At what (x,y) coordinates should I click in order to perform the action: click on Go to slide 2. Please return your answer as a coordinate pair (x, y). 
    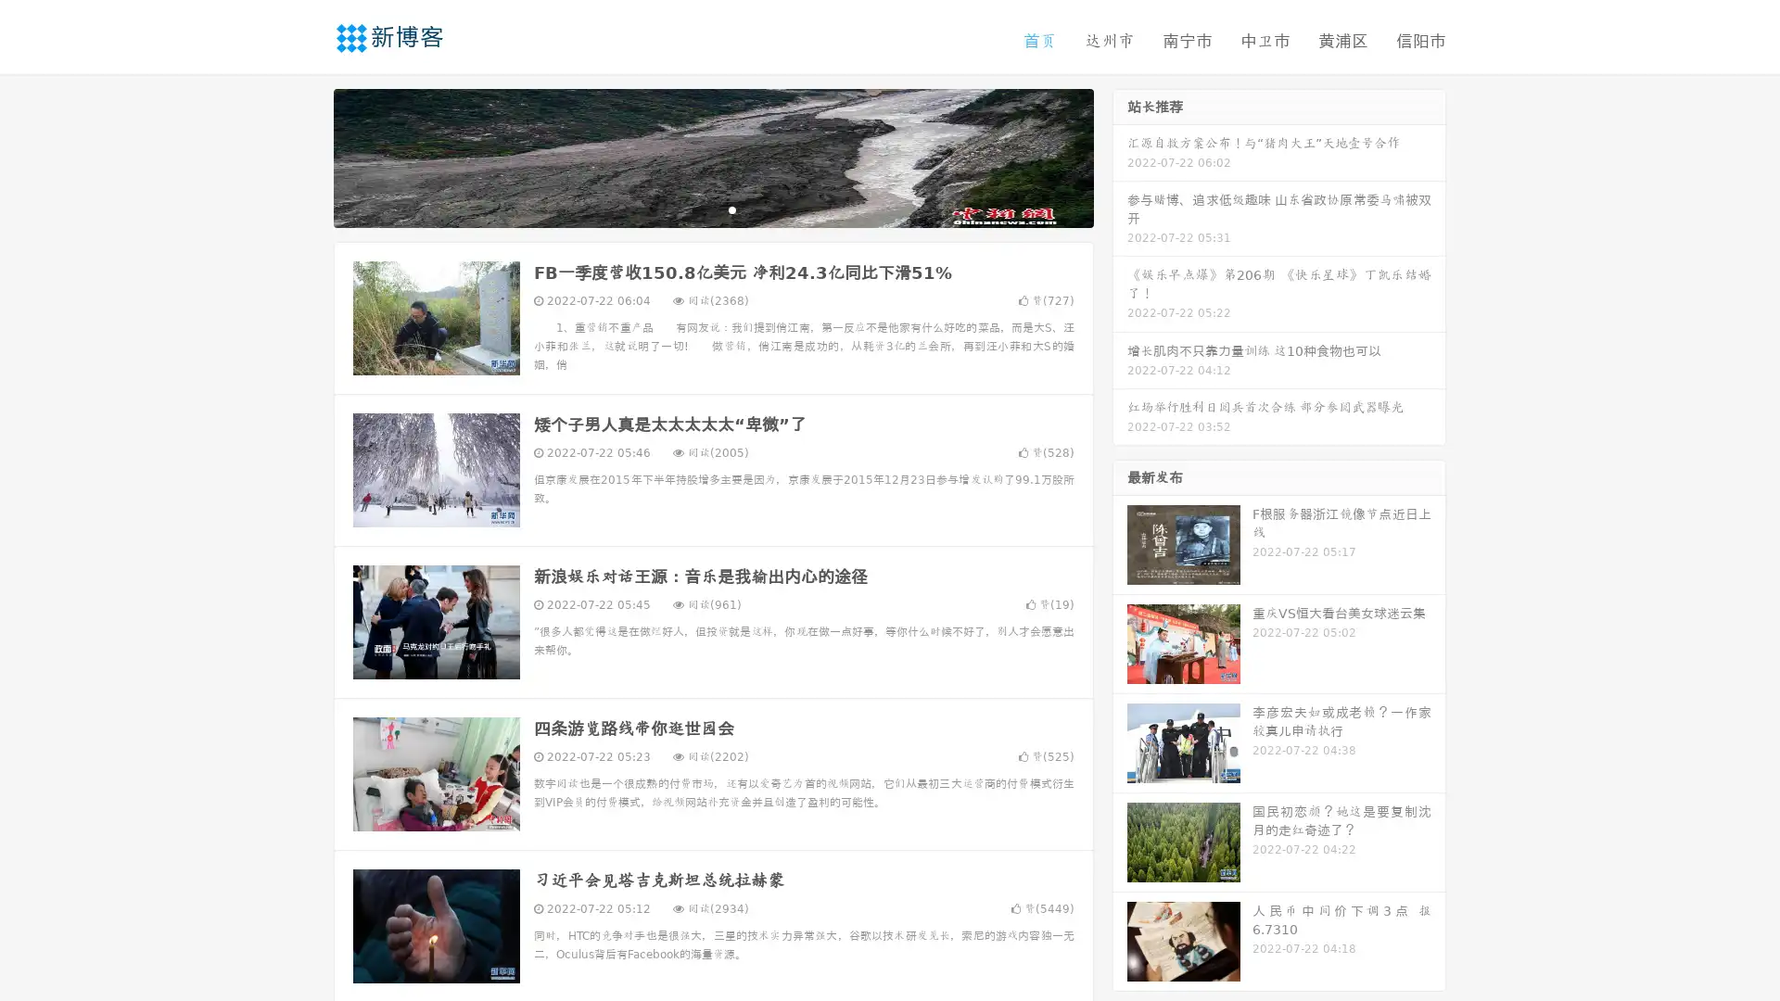
    Looking at the image, I should click on (712, 209).